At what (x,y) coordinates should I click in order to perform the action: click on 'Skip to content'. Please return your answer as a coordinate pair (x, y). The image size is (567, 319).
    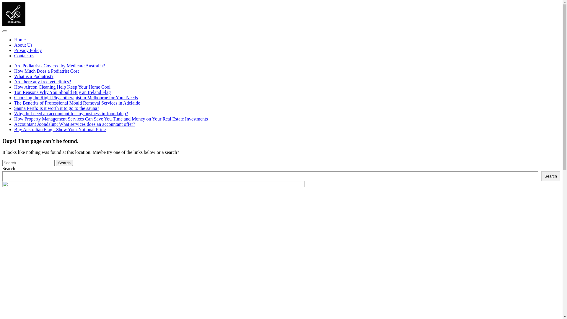
    Looking at the image, I should click on (2, 2).